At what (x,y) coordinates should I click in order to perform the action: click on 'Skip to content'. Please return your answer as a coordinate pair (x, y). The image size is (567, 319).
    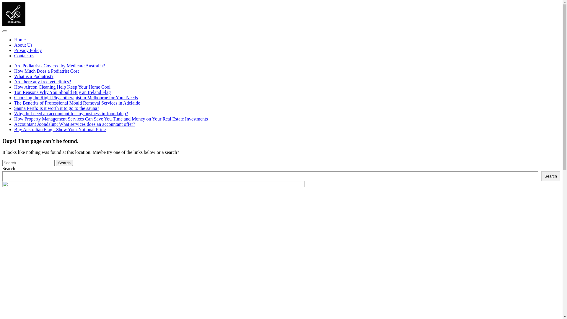
    Looking at the image, I should click on (2, 2).